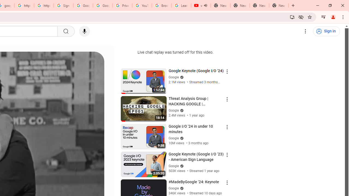  Describe the element at coordinates (63, 5) in the screenshot. I see `'Sign in - Google Accounts'` at that location.